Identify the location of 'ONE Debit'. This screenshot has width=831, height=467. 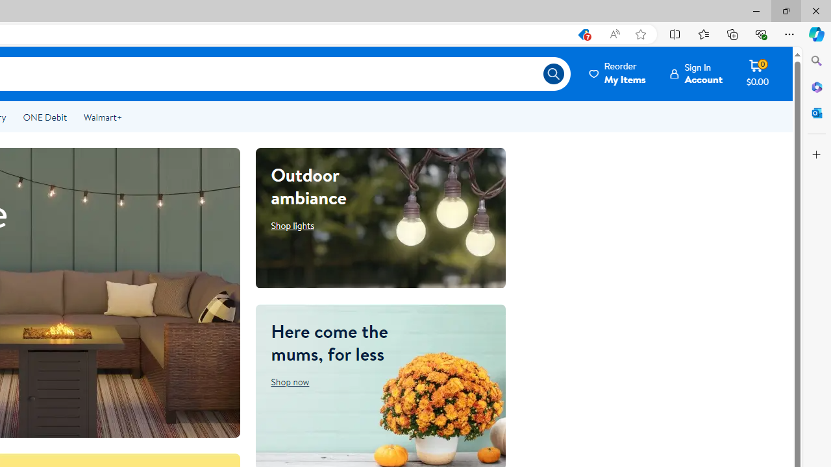
(45, 117).